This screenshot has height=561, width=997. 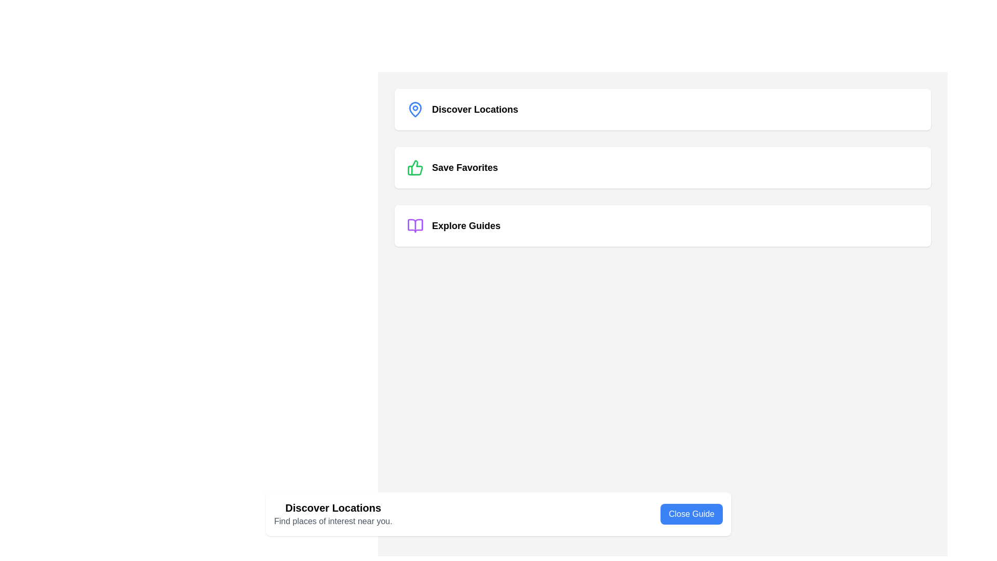 What do you see at coordinates (415, 167) in the screenshot?
I see `the 'thumbs-up' vector icon, which is styled in vivid green color and located to the left of the 'Save Favorites' text` at bounding box center [415, 167].